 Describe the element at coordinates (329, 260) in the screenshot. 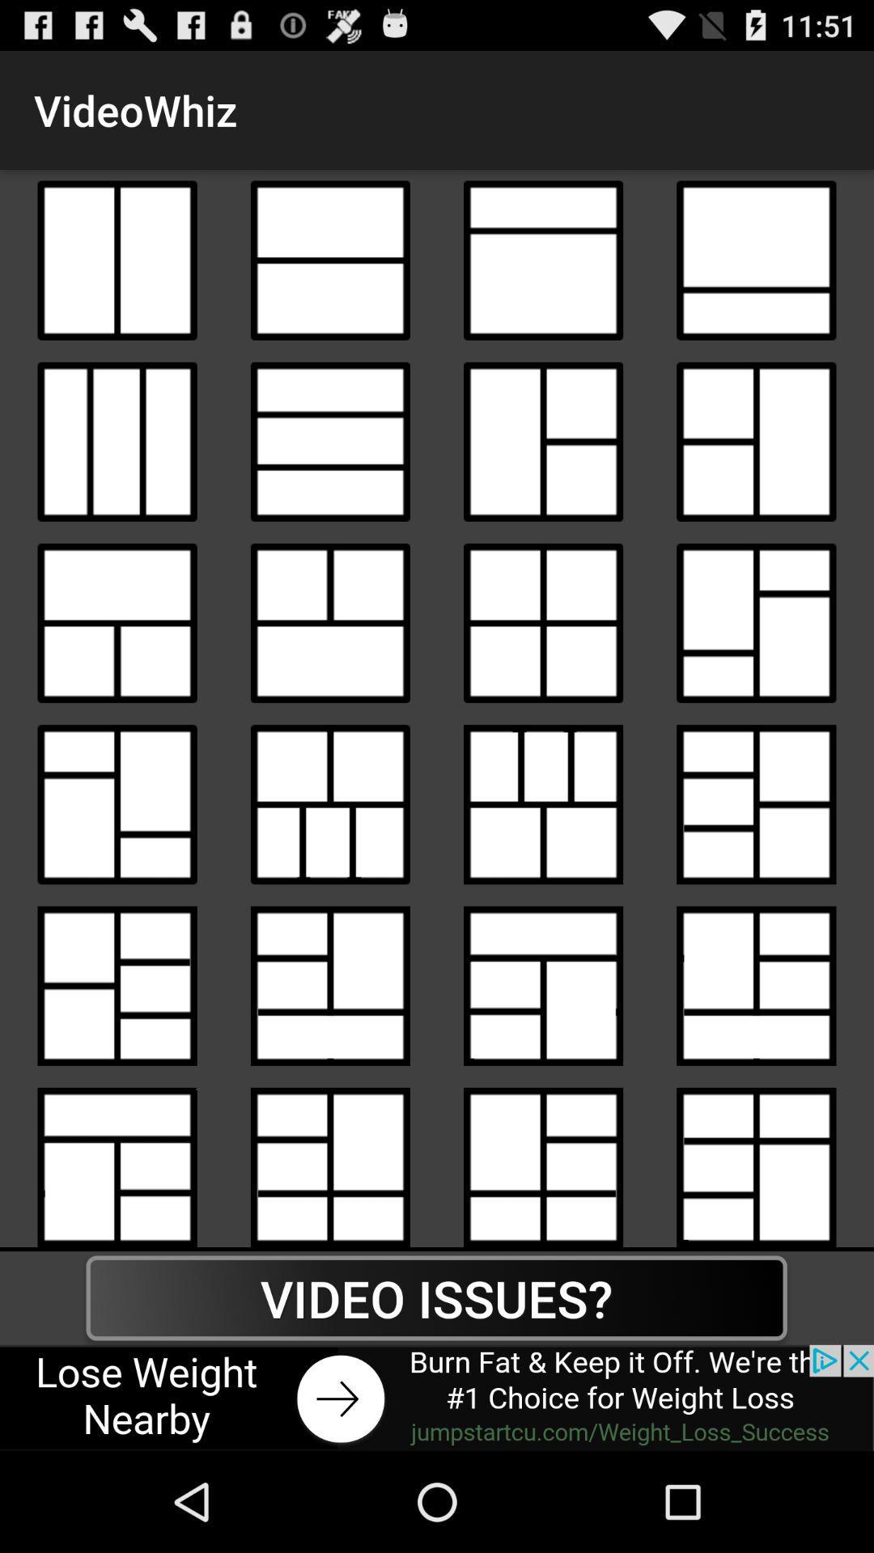

I see `object` at that location.